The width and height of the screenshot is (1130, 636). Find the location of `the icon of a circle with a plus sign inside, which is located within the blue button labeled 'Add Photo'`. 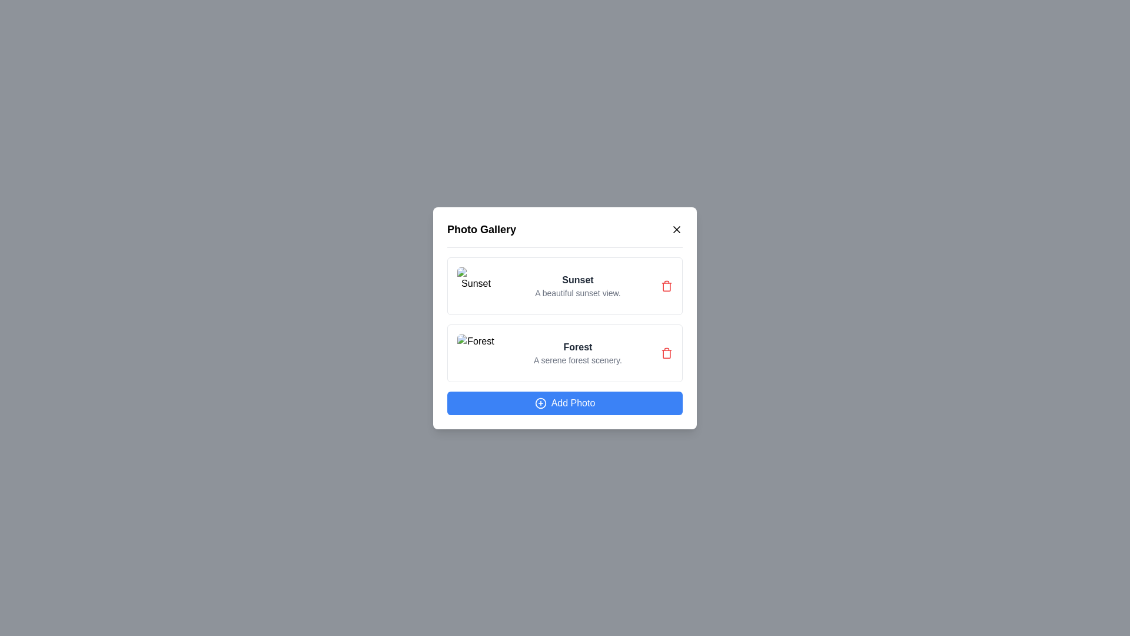

the icon of a circle with a plus sign inside, which is located within the blue button labeled 'Add Photo' is located at coordinates (540, 402).